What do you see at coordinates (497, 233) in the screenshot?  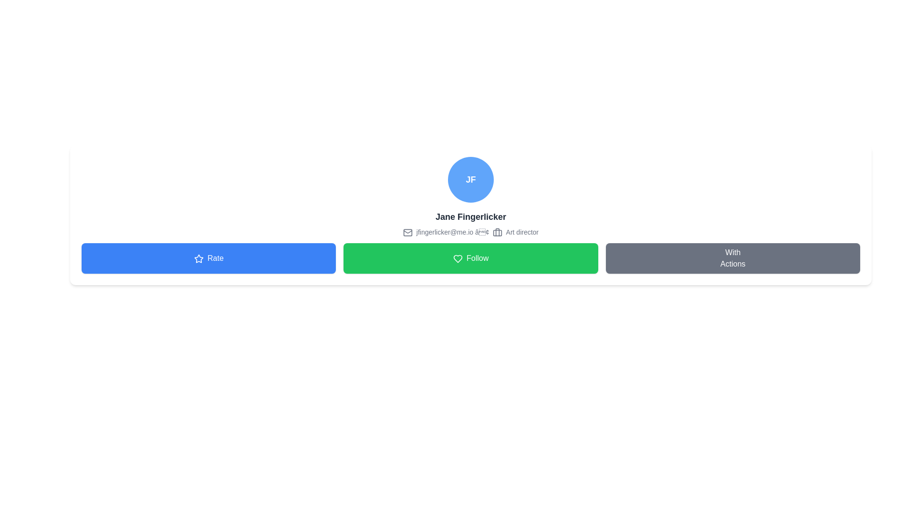 I see `the graphic element representing a compartment in the briefcase-like icon` at bounding box center [497, 233].